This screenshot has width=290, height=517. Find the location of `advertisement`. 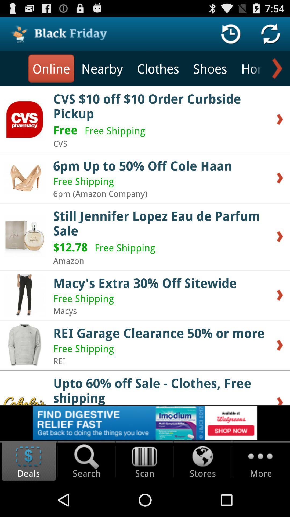

advertisement is located at coordinates (145, 422).